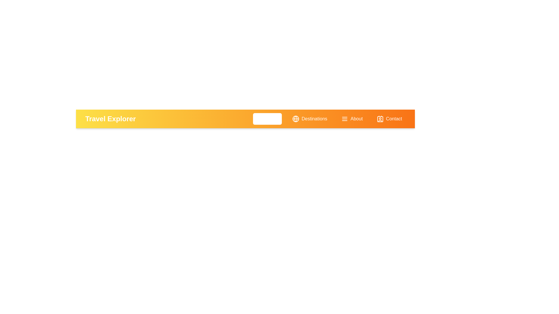 The height and width of the screenshot is (314, 559). What do you see at coordinates (389, 118) in the screenshot?
I see `the contact button located in the top-right section of the navigation menu, positioned to the right of the 'About' button and left of the interface's margin` at bounding box center [389, 118].